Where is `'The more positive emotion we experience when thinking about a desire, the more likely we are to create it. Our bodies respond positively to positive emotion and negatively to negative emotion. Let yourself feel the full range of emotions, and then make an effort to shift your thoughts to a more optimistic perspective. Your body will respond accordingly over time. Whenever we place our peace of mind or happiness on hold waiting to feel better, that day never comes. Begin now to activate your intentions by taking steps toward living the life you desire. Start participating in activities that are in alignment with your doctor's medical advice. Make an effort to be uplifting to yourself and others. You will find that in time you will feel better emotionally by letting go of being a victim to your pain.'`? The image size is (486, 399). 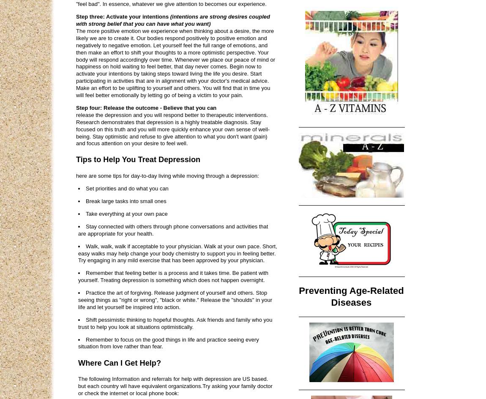 'The more positive emotion we experience when thinking about a desire, the more likely we are to create it. Our bodies respond positively to positive emotion and negatively to negative emotion. Let yourself feel the full range of emotions, and then make an effort to shift your thoughts to a more optimistic perspective. Your body will respond accordingly over time. Whenever we place our peace of mind or happiness on hold waiting to feel better, that day never comes. Begin now to activate your intentions by taking steps toward living the life you desire. Start participating in activities that are in alignment with your doctor's medical advice. Make an effort to be uplifting to yourself and others. You will find that in time you will feel better emotionally by letting go of being a victim to your pain.' is located at coordinates (175, 63).